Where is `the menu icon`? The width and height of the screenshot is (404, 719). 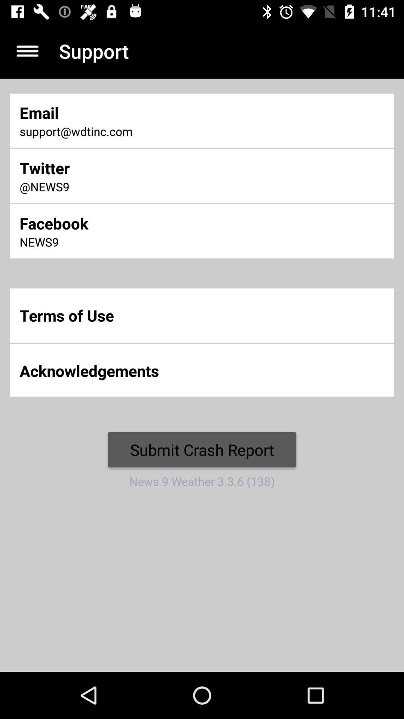
the menu icon is located at coordinates (27, 51).